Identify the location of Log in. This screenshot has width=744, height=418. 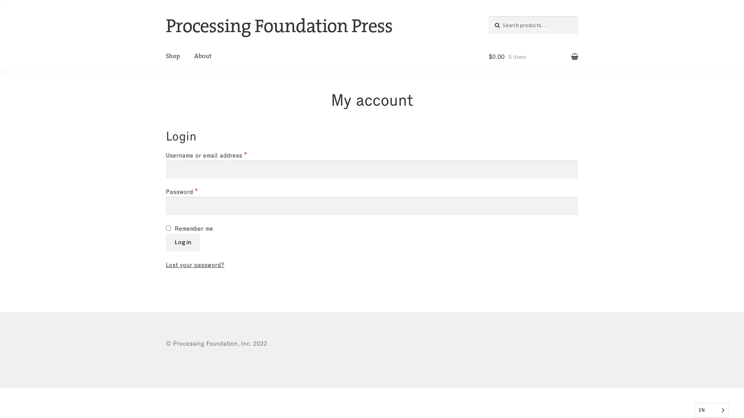
(182, 242).